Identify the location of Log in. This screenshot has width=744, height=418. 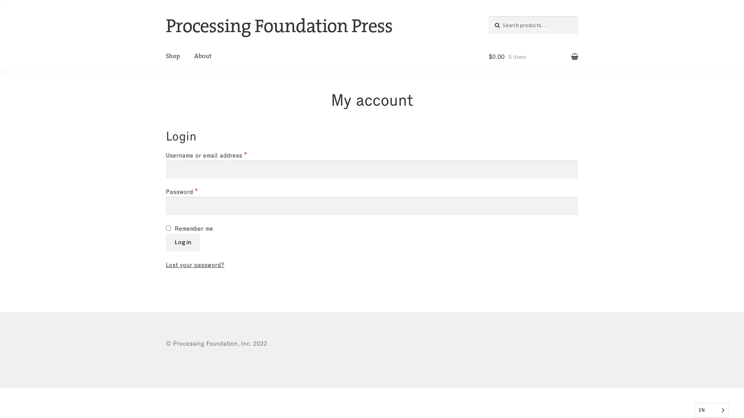
(182, 242).